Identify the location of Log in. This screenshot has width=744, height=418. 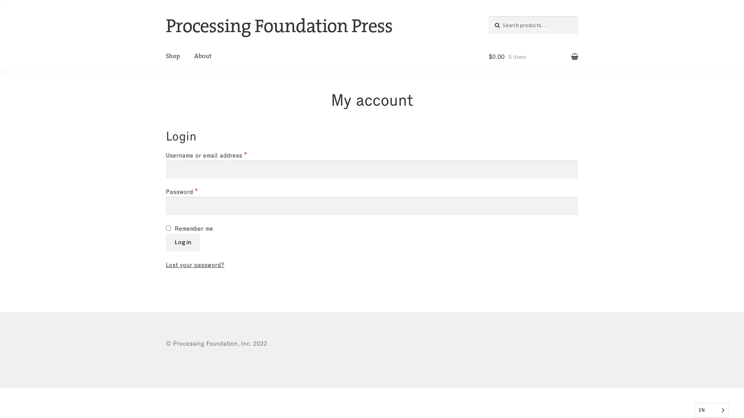
(182, 242).